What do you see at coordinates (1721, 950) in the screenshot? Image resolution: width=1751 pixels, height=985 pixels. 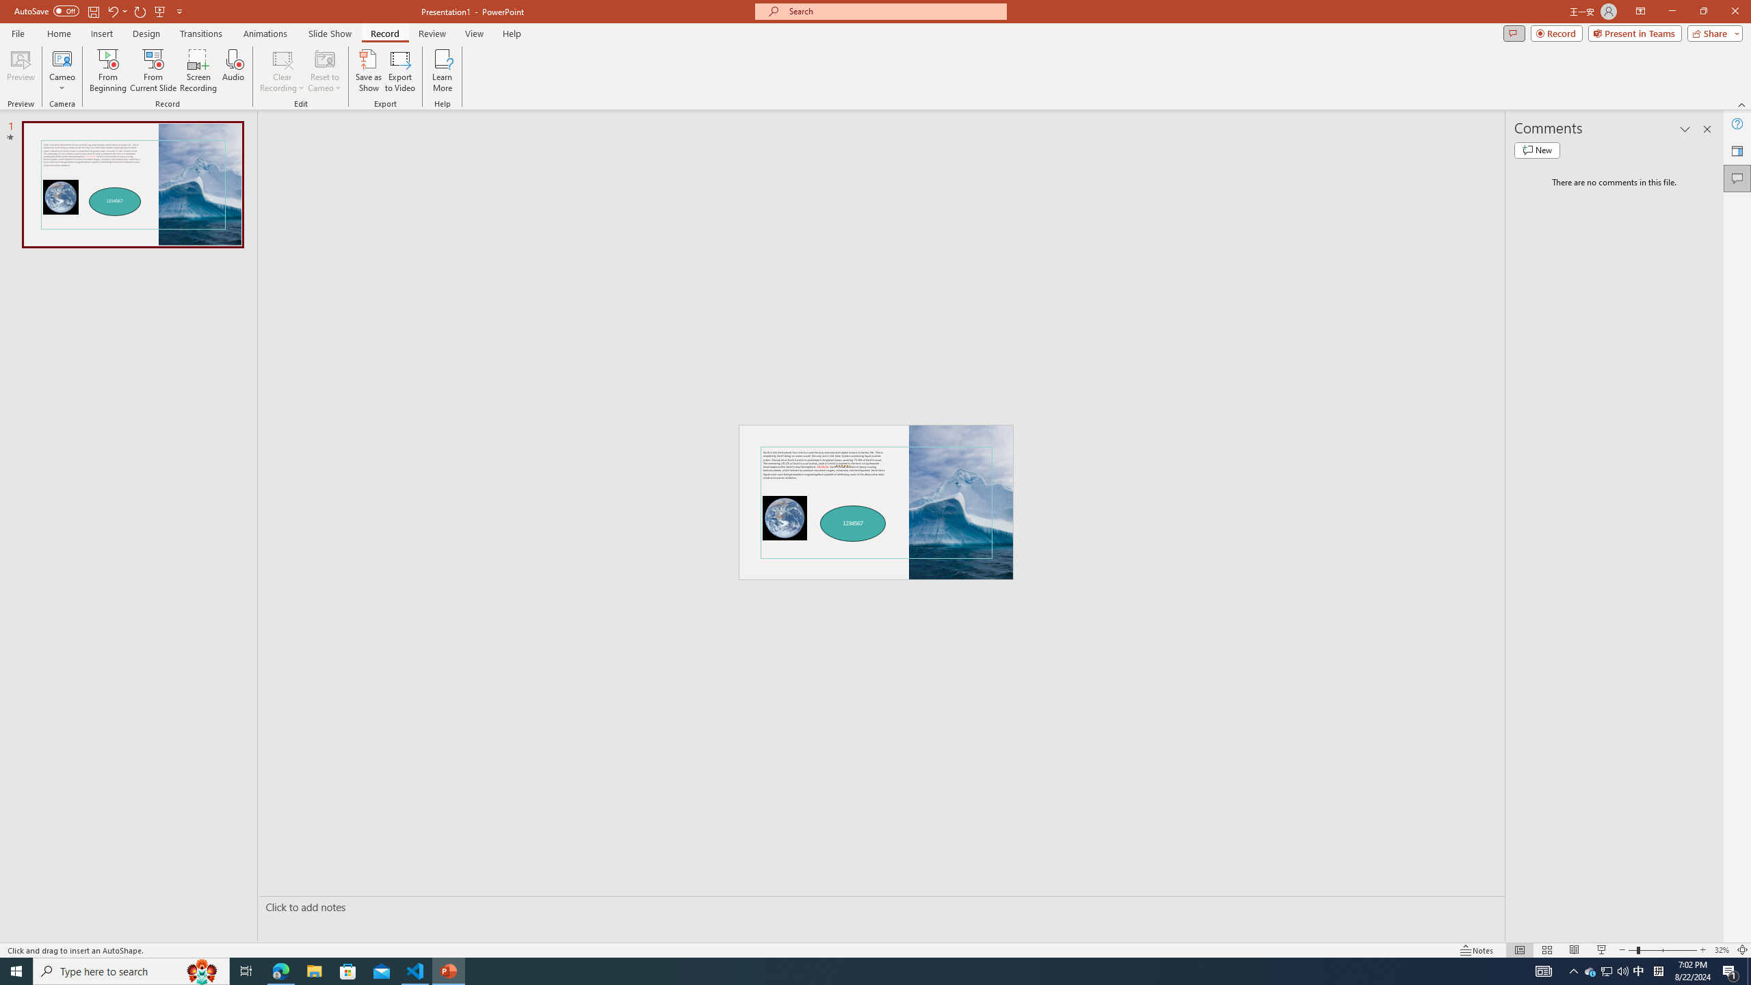 I see `'Zoom 32%'` at bounding box center [1721, 950].